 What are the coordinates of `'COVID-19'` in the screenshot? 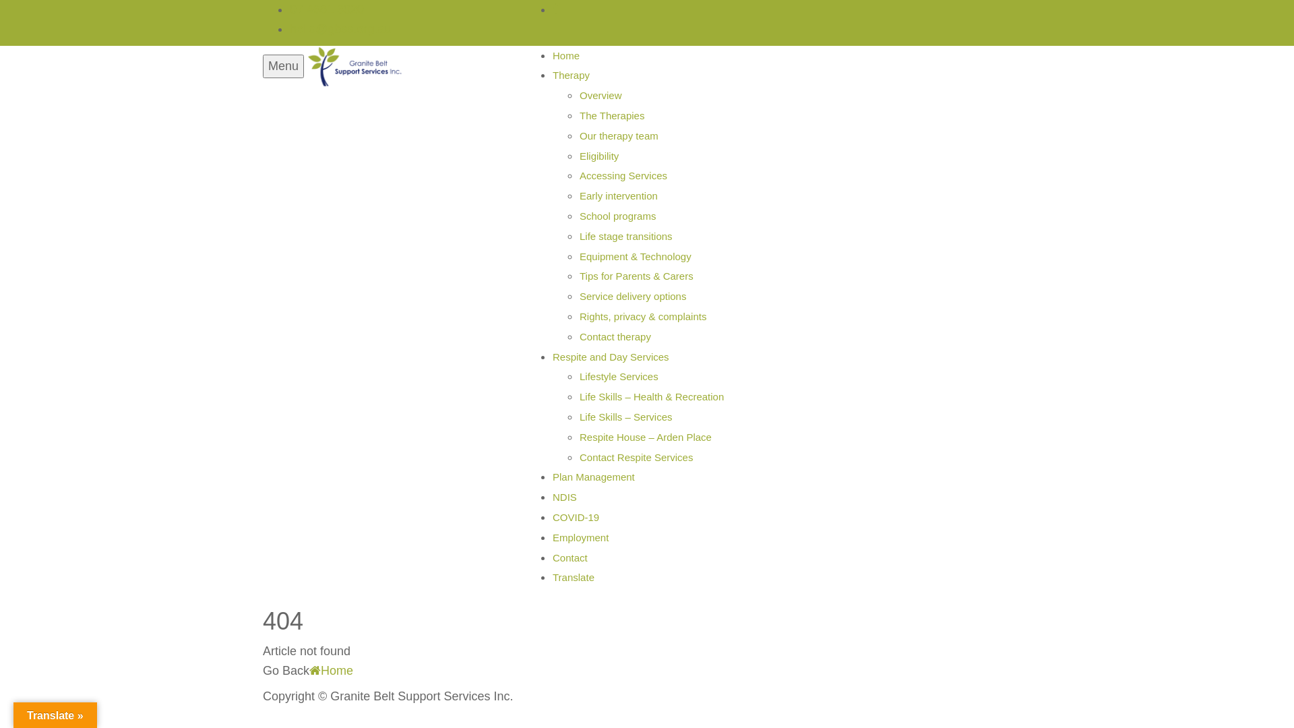 It's located at (576, 516).